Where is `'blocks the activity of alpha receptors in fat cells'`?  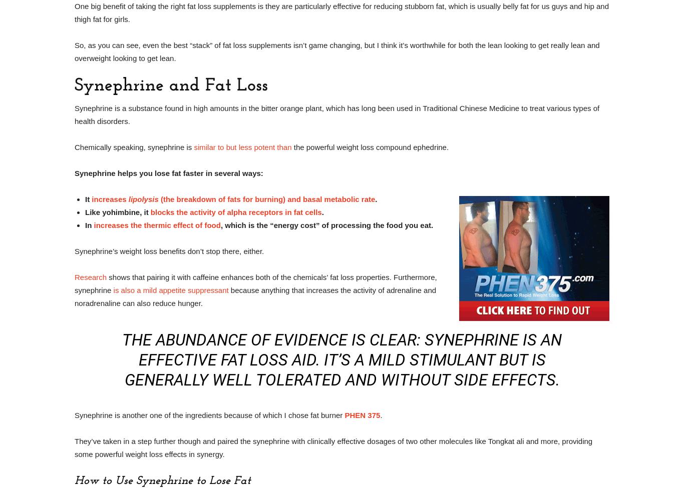
'blocks the activity of alpha receptors in fat cells' is located at coordinates (235, 211).